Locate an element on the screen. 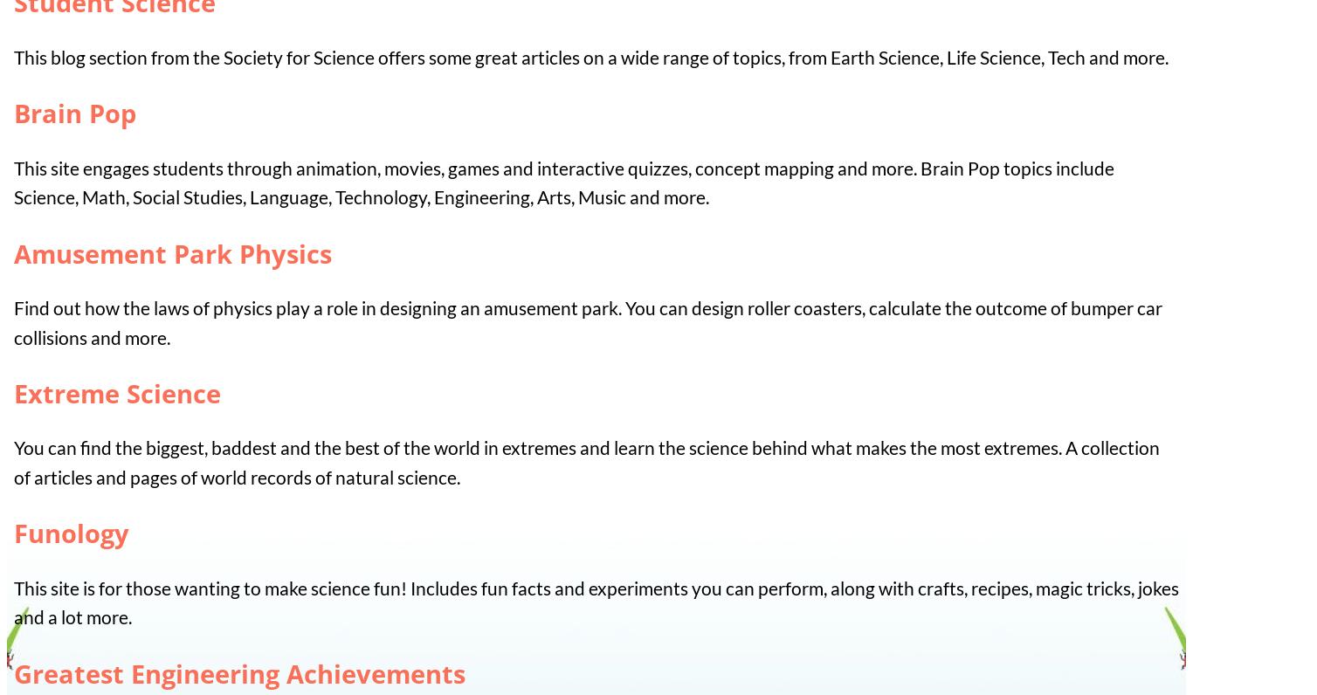 The image size is (1317, 695). 'Funology' is located at coordinates (72, 532).